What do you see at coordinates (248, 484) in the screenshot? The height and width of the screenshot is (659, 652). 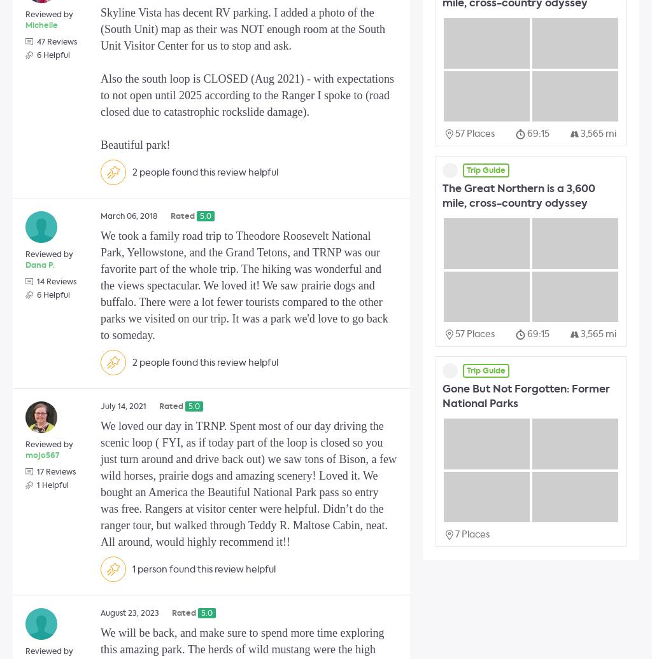 I see `'We loved our day in TRNP. Spent most of our day driving the scenic loop ( FYI, as if today part of the loop is closed so you just turn around and drive back out) we saw tons of Bison, a few wild horses, prairie dogs and amazing scenery! Loved it. We bought an America the Beautiful National Park pass so entry was free. Rangers at visitor center were helpful. Didn’t do the ranger tour, but walked through Teddy R. Maltose Cabin, neat. All around, would highly recommend it!!'` at bounding box center [248, 484].